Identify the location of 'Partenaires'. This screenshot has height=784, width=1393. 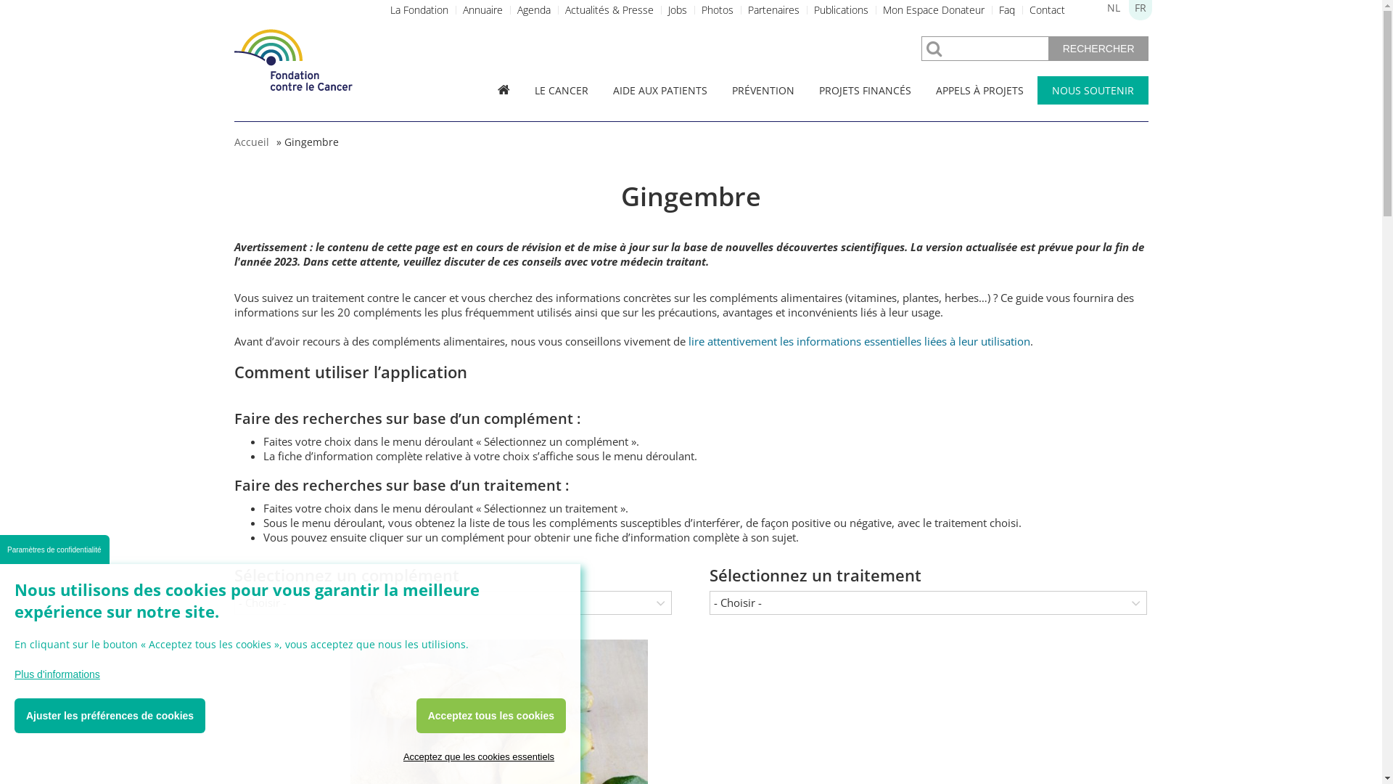
(772, 9).